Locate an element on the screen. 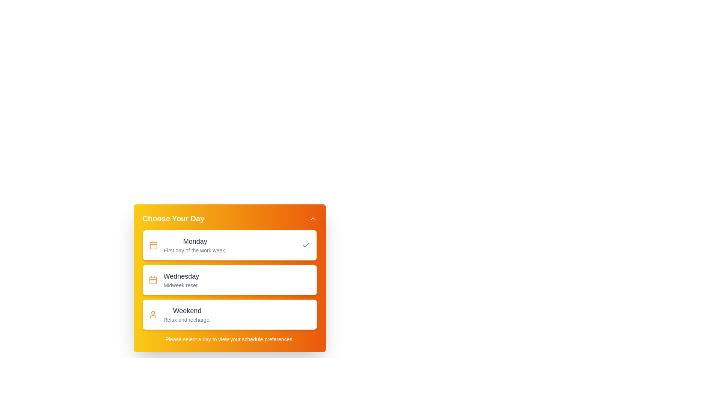 Image resolution: width=721 pixels, height=405 pixels. the day Weekend from the list is located at coordinates (229, 315).